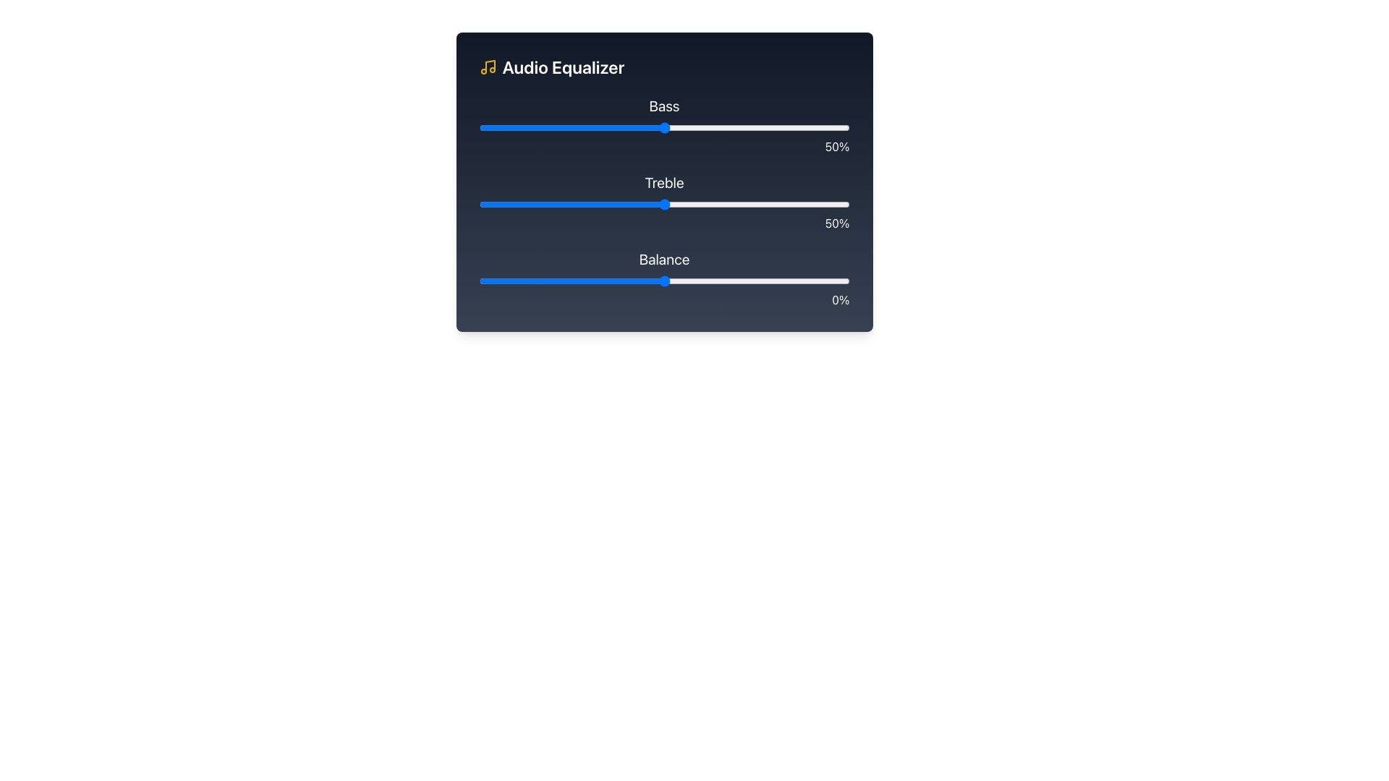 The width and height of the screenshot is (1389, 781). Describe the element at coordinates (516, 127) in the screenshot. I see `the Bass level` at that location.